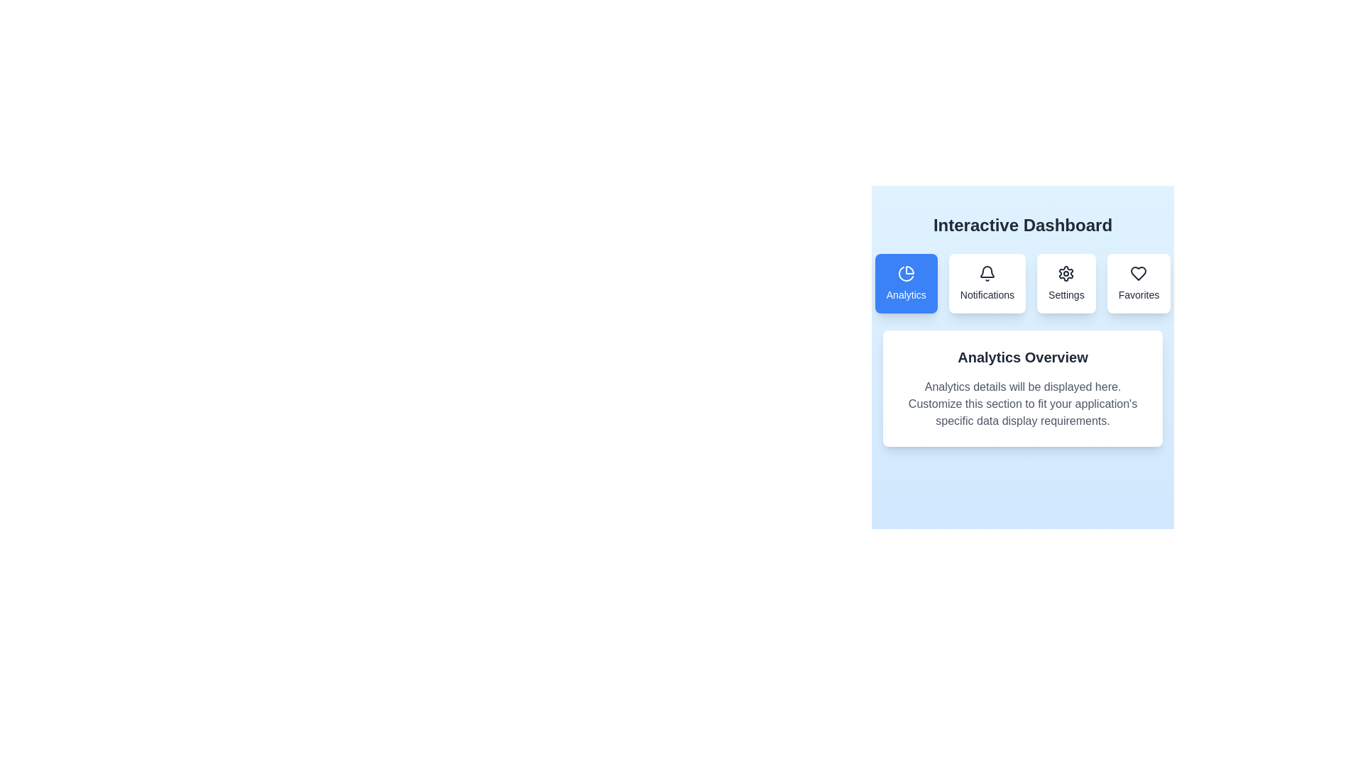 This screenshot has width=1363, height=766. I want to click on the Text label located in the blue rectangular section on the top-left of the card associated with analytics, so click(905, 294).